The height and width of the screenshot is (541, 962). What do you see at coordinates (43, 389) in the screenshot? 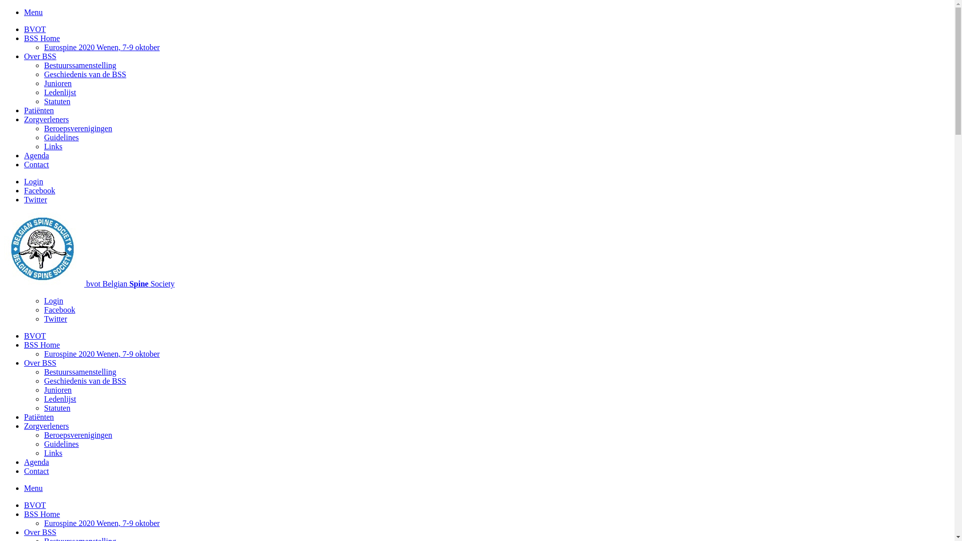
I see `'Junioren'` at bounding box center [43, 389].